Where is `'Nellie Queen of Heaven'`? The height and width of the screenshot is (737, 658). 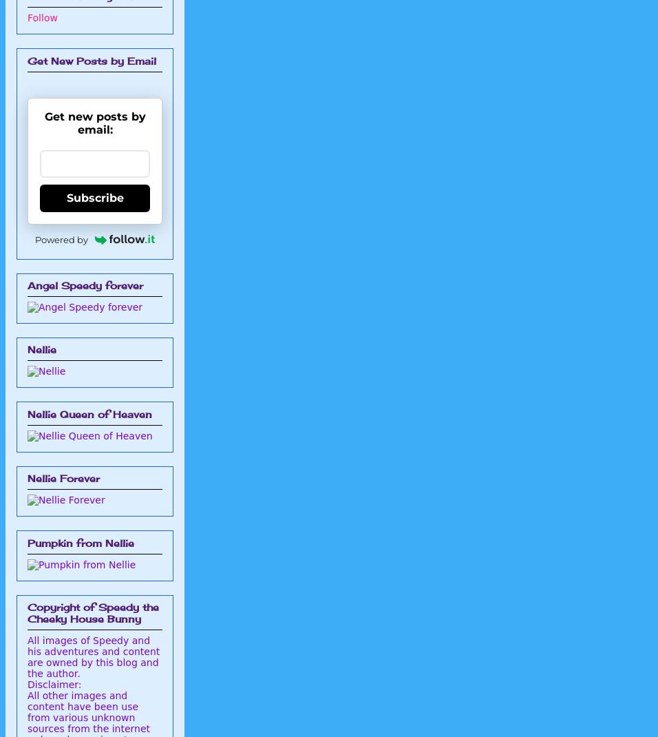 'Nellie Queen of Heaven' is located at coordinates (26, 413).